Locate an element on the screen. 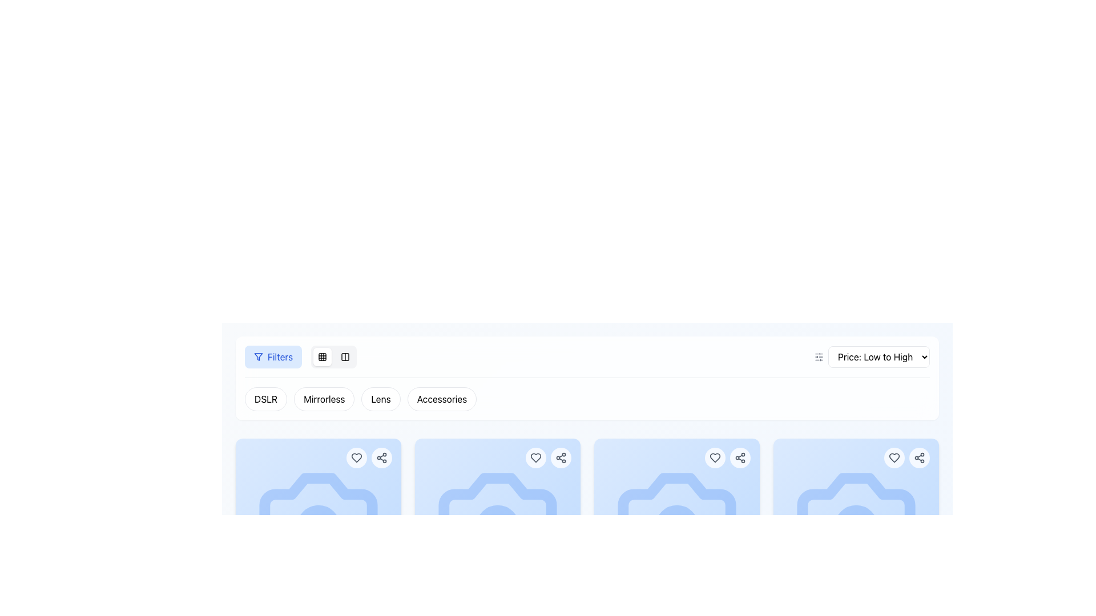 The image size is (1096, 616). the circular icon button with a share icon in the top-right corner of the card item to observe the hover effect is located at coordinates (740, 457).